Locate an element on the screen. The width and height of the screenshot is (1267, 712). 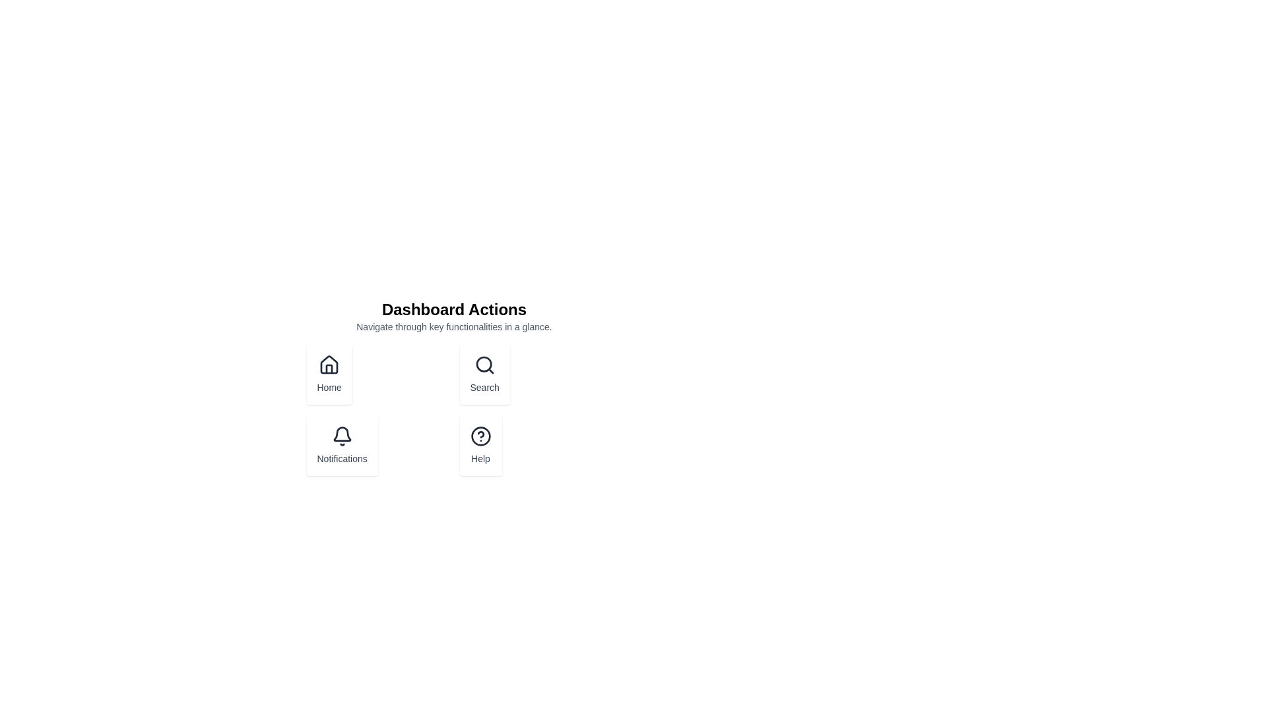
the home SVG icon located in the top-left corner of the grid layout under the 'Dashboard Actions' section is located at coordinates (329, 365).